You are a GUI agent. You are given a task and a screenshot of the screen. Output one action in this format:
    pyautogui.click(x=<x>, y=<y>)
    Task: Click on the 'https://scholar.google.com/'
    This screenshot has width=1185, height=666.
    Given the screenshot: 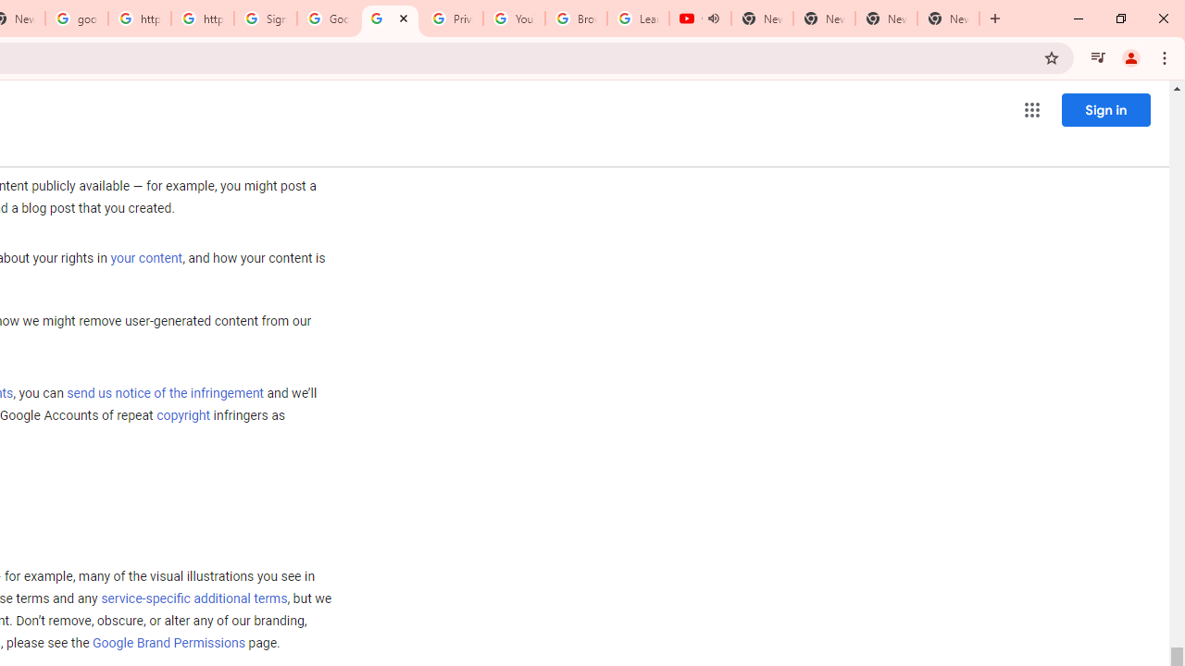 What is the action you would take?
    pyautogui.click(x=139, y=18)
    